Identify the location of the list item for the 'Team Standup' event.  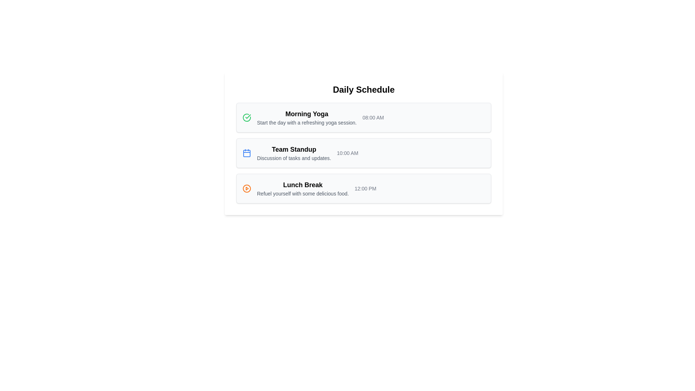
(363, 153).